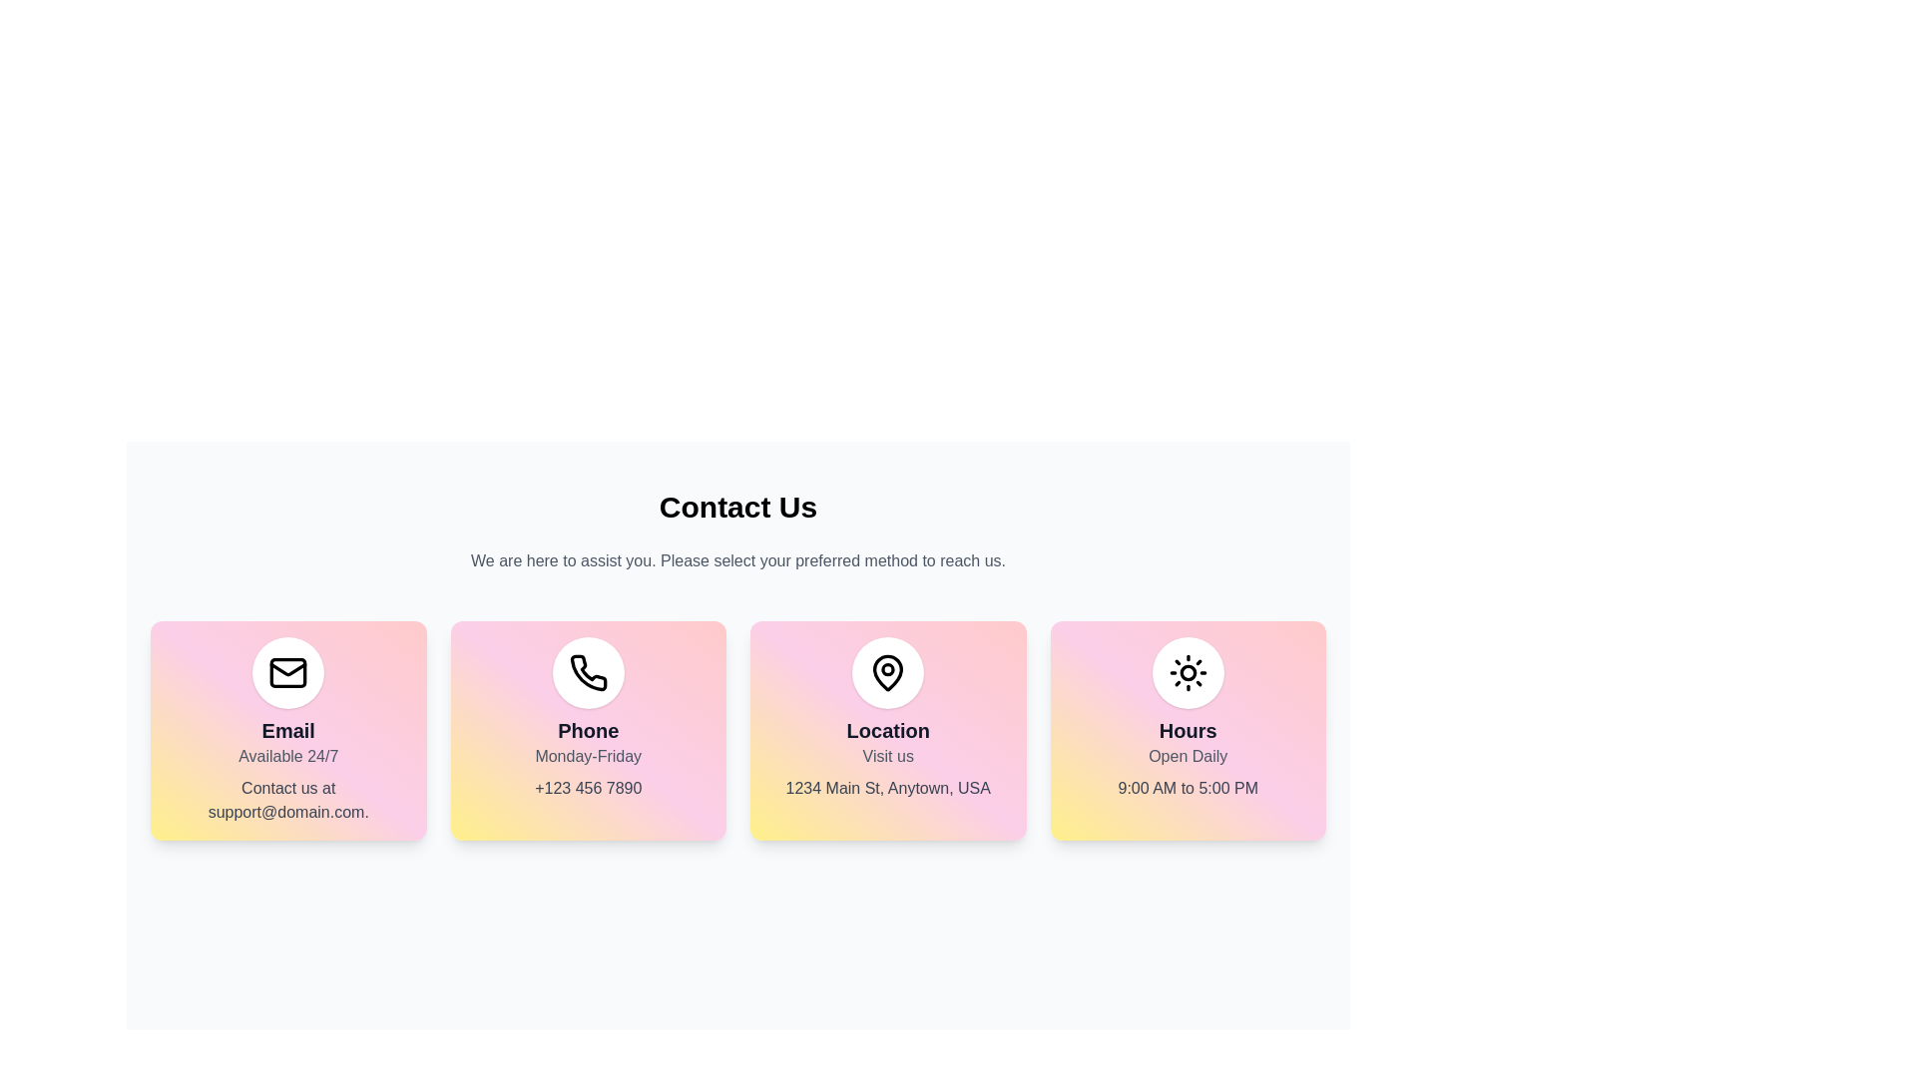  I want to click on the mail envelope icon, which is an outline-style icon symbolizing email communication, located in the top-left card of the 'Contact Us' section, so click(287, 673).